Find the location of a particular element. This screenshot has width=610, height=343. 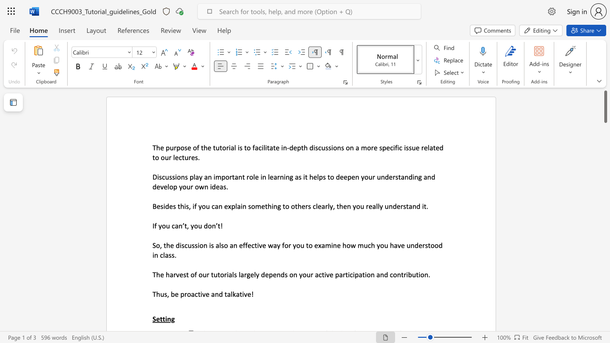

the scrollbar to scroll downward is located at coordinates (605, 310).